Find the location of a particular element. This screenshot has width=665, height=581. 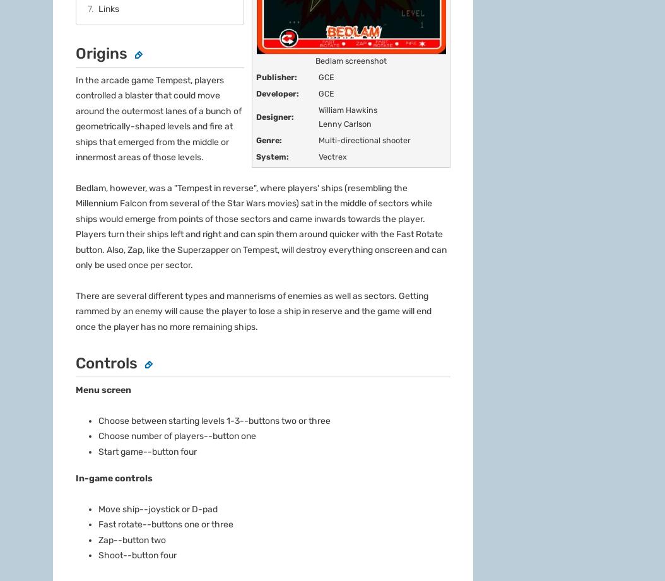

'Advertise' is located at coordinates (74, 458).